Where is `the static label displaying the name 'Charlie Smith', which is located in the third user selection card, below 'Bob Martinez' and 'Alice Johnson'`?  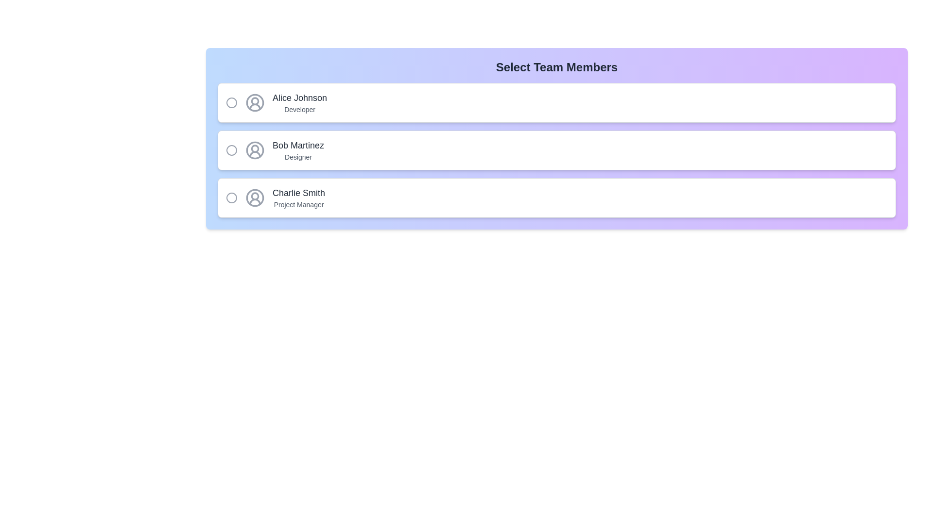
the static label displaying the name 'Charlie Smith', which is located in the third user selection card, below 'Bob Martinez' and 'Alice Johnson' is located at coordinates (298, 193).